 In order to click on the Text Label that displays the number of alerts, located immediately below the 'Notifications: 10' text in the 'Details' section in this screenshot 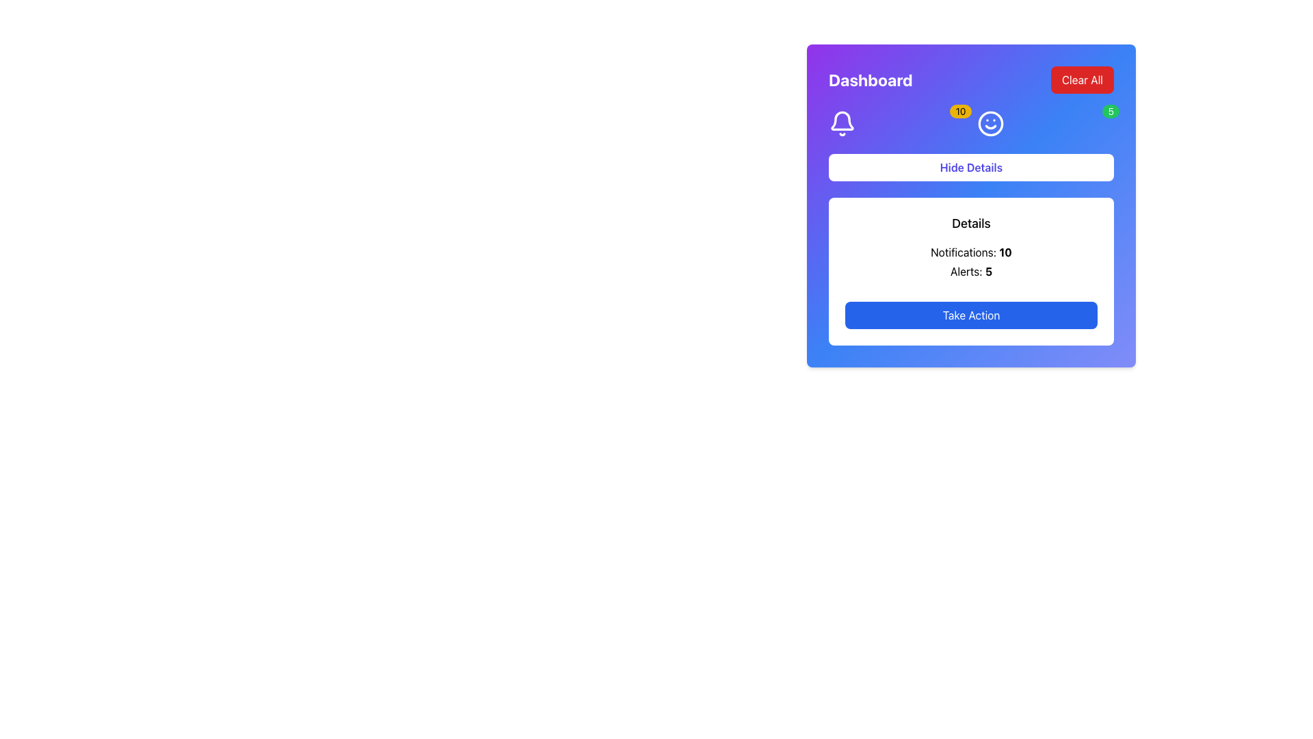, I will do `click(970, 272)`.